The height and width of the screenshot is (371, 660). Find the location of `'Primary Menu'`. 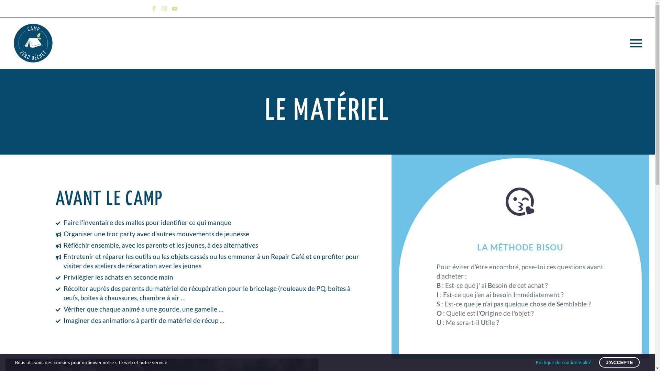

'Primary Menu' is located at coordinates (635, 43).